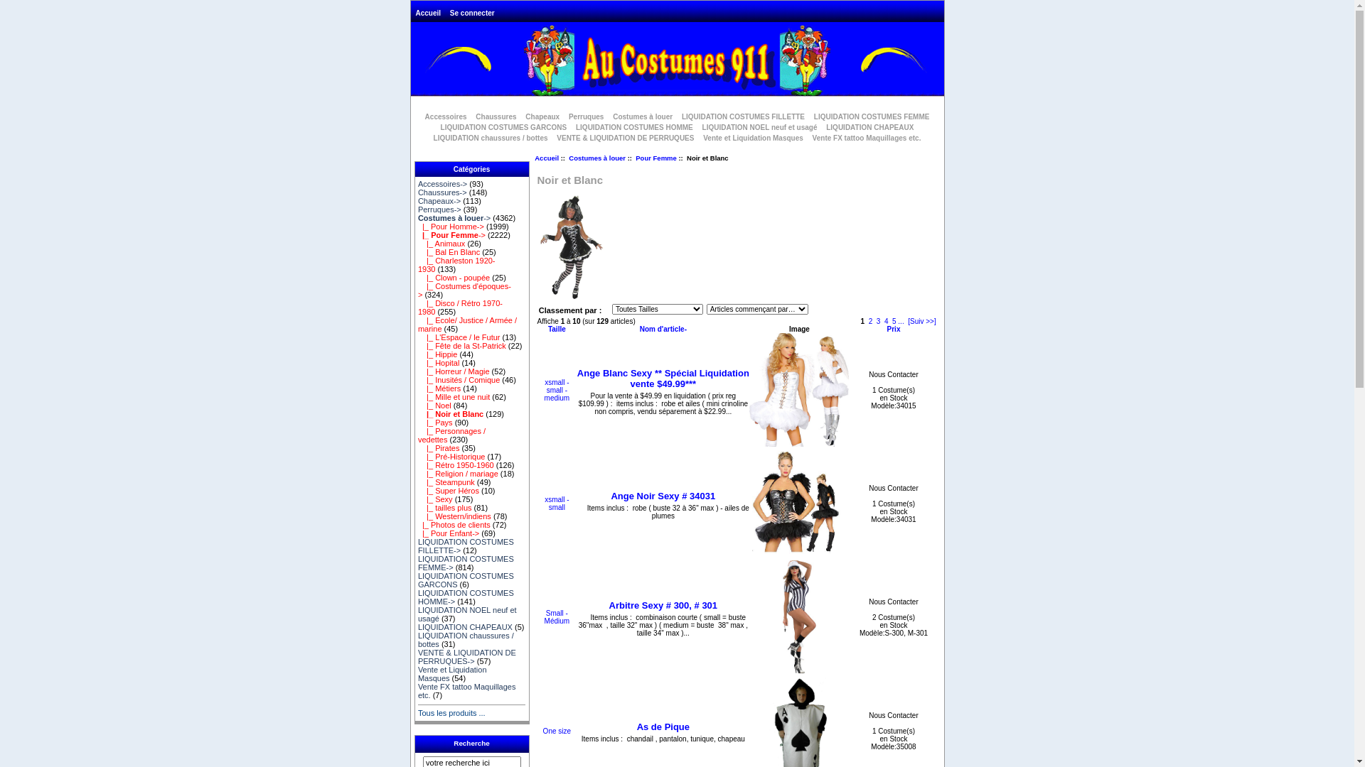  I want to click on 'Vente et Liquidation Masques', so click(752, 138).